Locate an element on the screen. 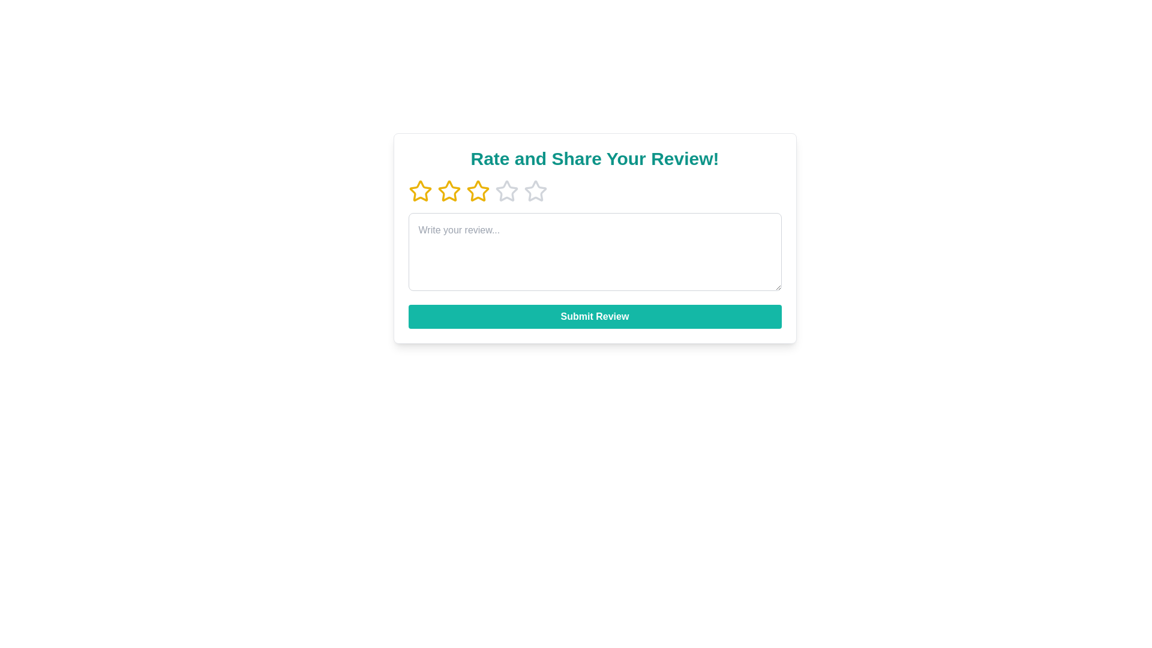 Image resolution: width=1152 pixels, height=648 pixels. the submit button to submit the review is located at coordinates (595, 316).